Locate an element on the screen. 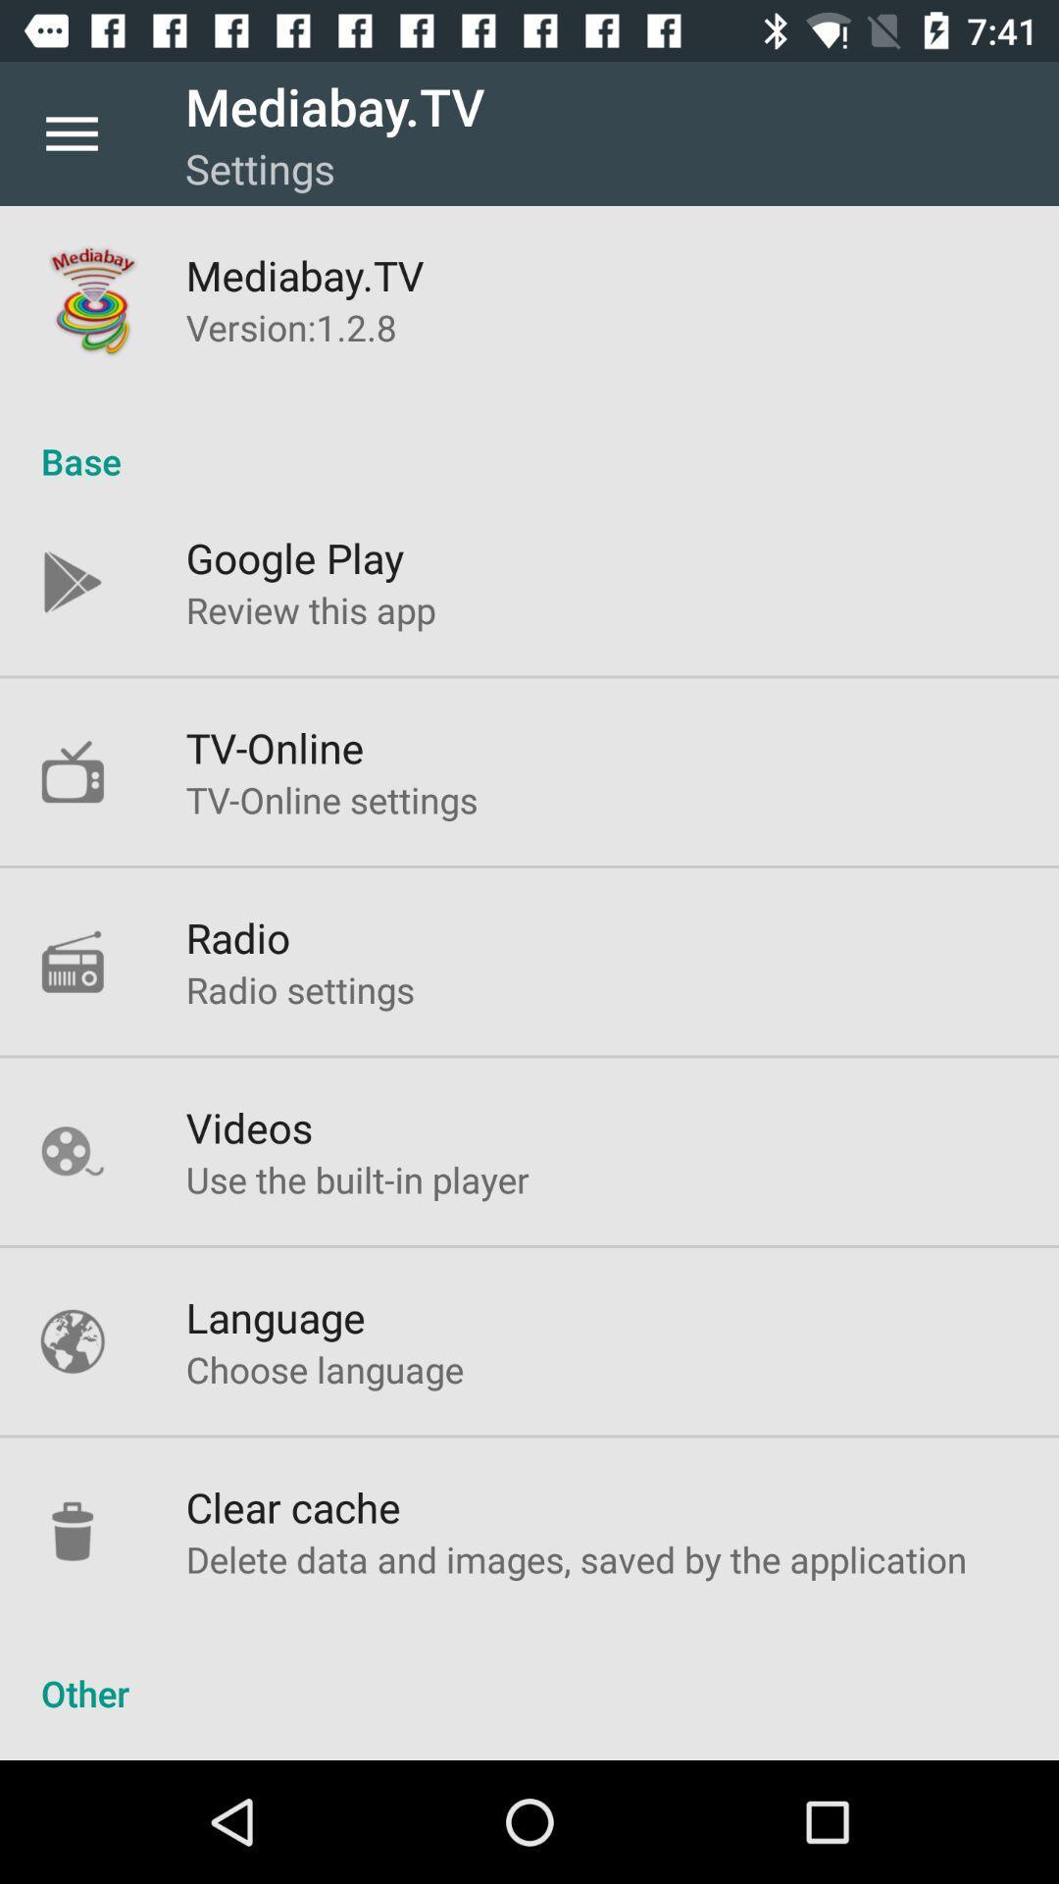 The image size is (1059, 1884). clear cache icon is located at coordinates (293, 1506).